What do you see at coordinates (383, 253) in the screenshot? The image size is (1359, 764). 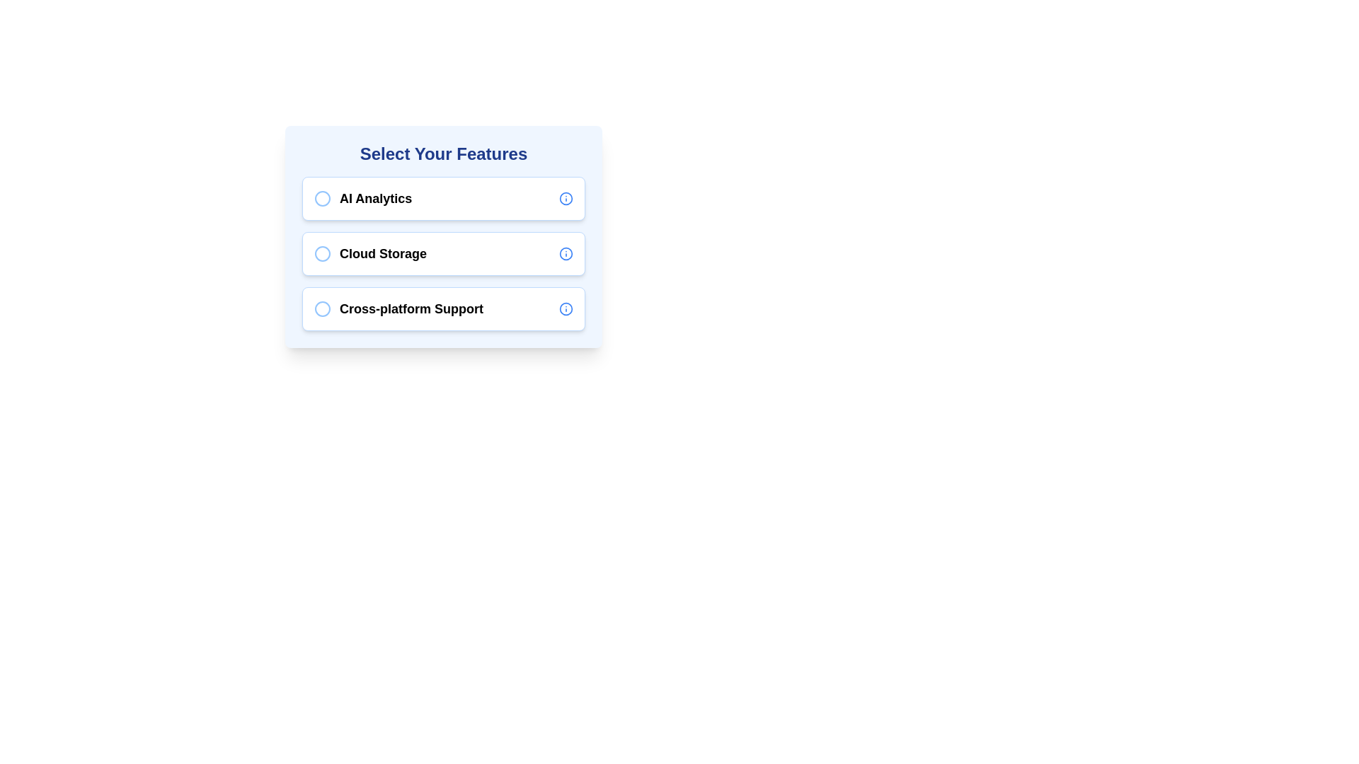 I see `the 'Cloud Storage' text label, which is the second option in a vertical list of selectable features, located between 'AI Analytics' and 'Cross-platform Support'` at bounding box center [383, 253].